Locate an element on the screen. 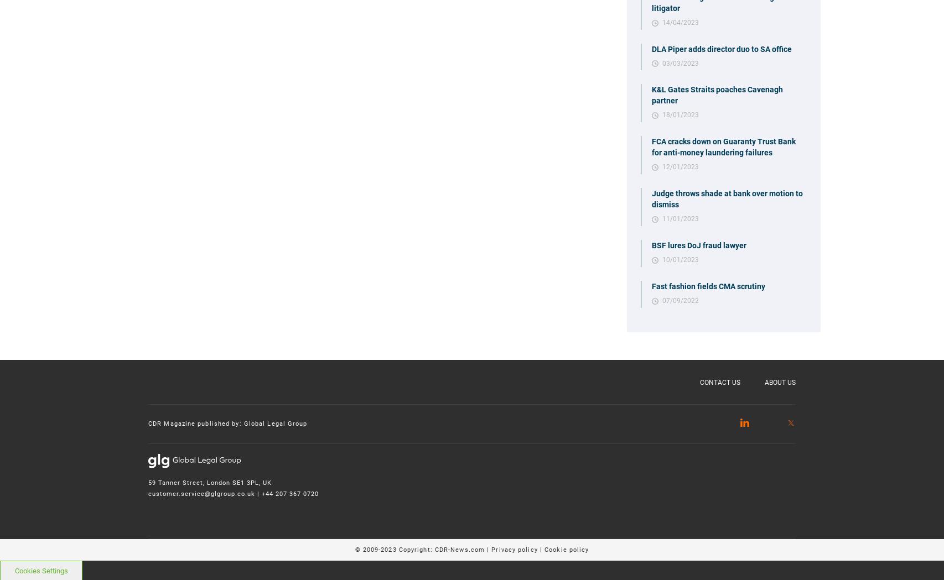 The height and width of the screenshot is (580, 944). 'About Us' is located at coordinates (764, 382).